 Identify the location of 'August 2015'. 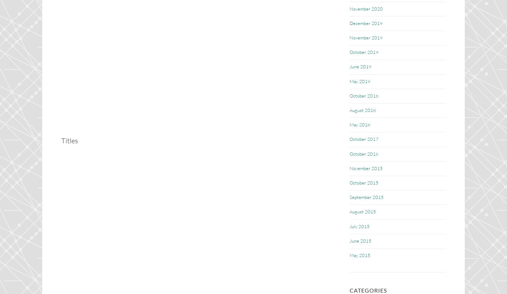
(363, 211).